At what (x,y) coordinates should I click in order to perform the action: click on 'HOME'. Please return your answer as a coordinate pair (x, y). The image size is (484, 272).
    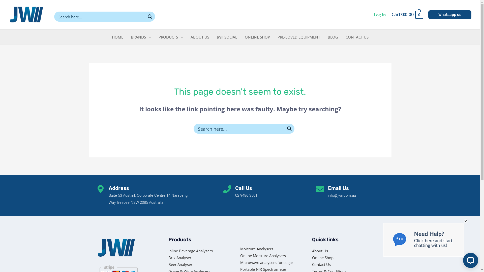
    Looking at the image, I should click on (117, 37).